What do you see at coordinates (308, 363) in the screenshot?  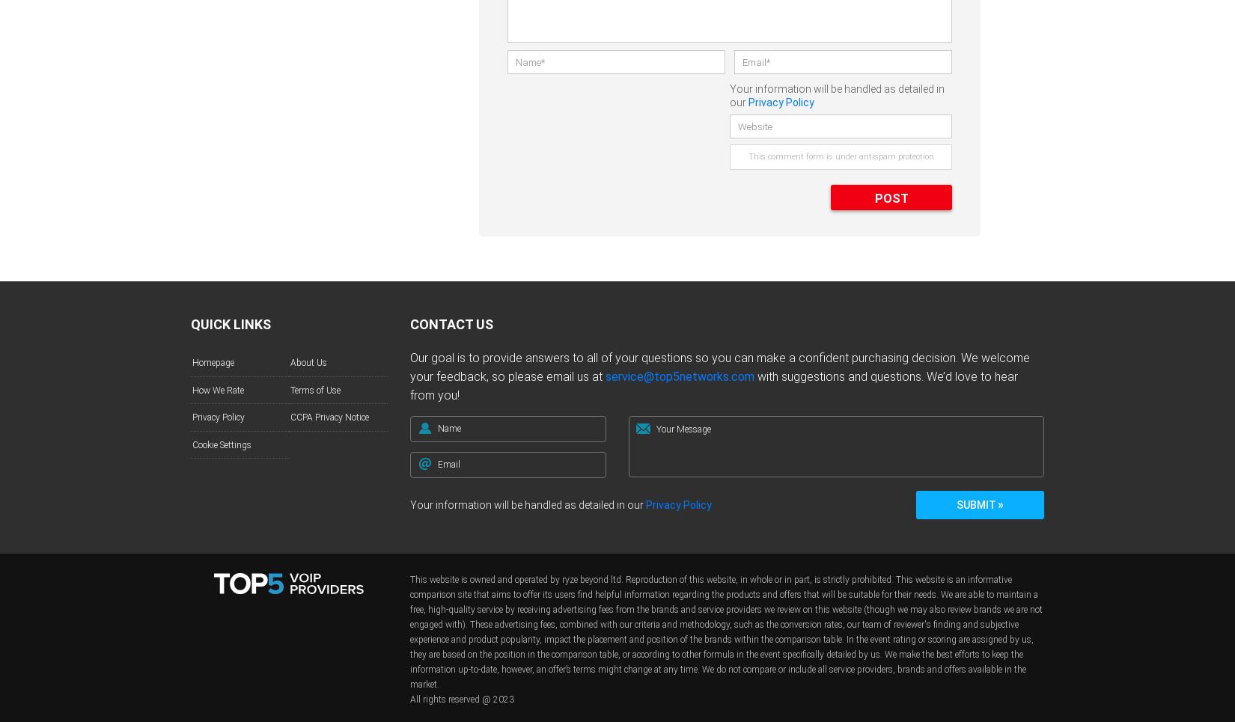 I see `'About Us'` at bounding box center [308, 363].